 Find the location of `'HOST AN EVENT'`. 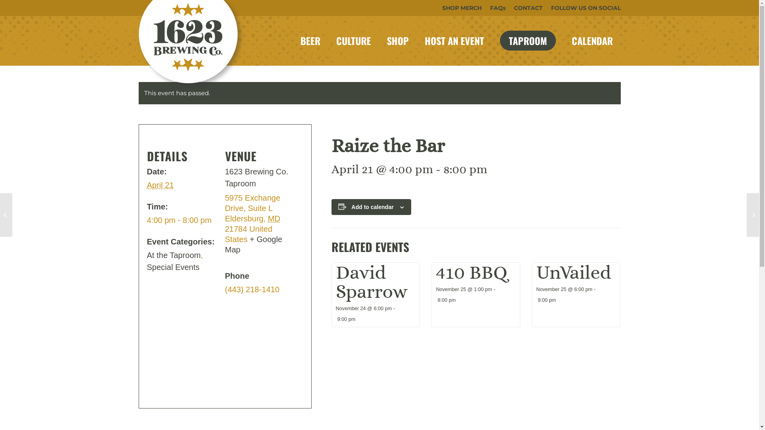

'HOST AN EVENT' is located at coordinates (454, 40).